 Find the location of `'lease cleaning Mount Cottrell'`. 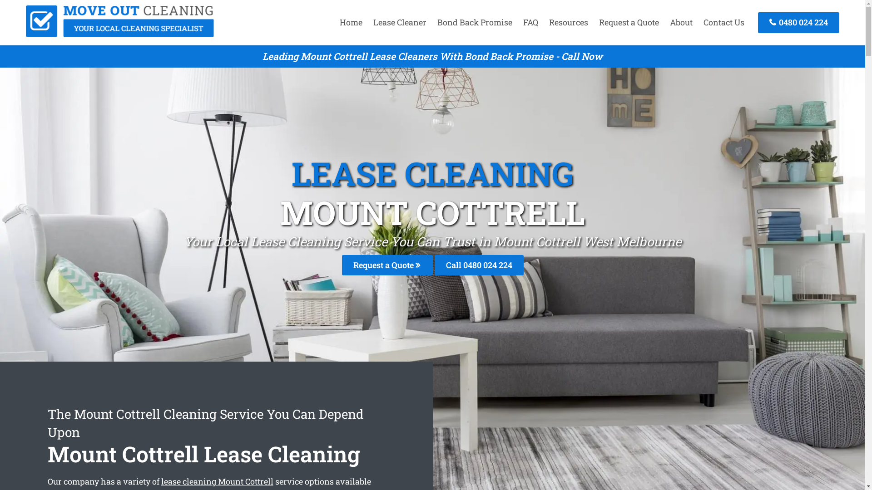

'lease cleaning Mount Cottrell' is located at coordinates (217, 480).